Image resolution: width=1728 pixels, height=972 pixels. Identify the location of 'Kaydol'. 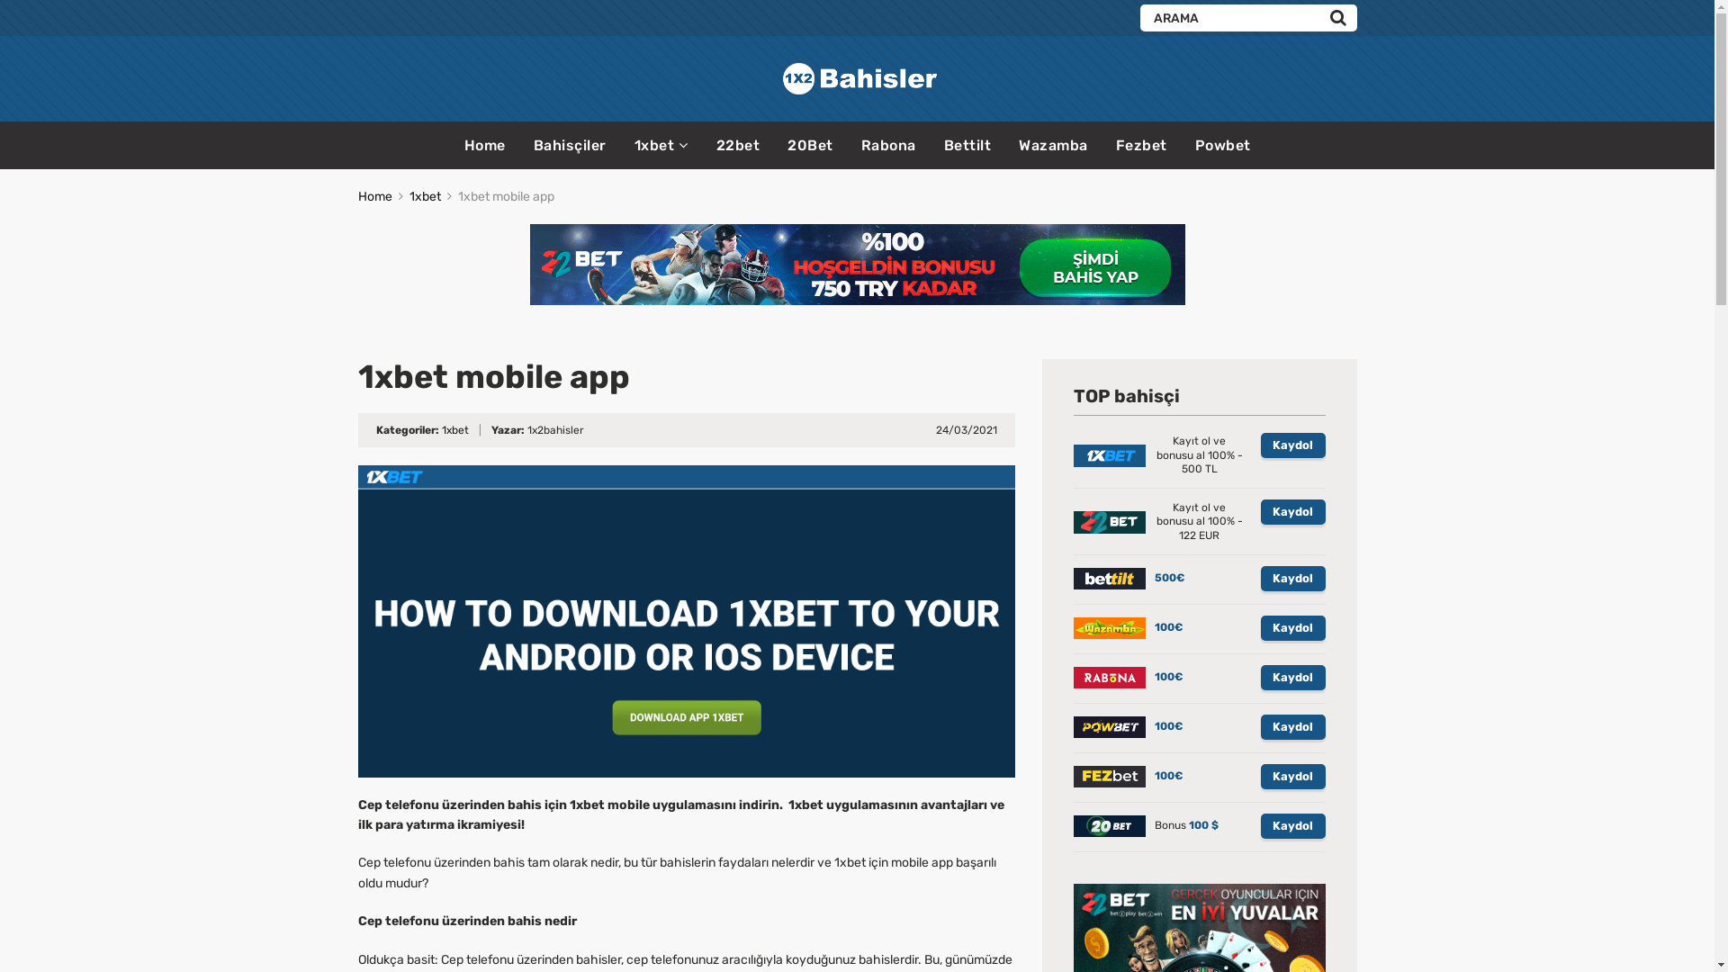
(1291, 826).